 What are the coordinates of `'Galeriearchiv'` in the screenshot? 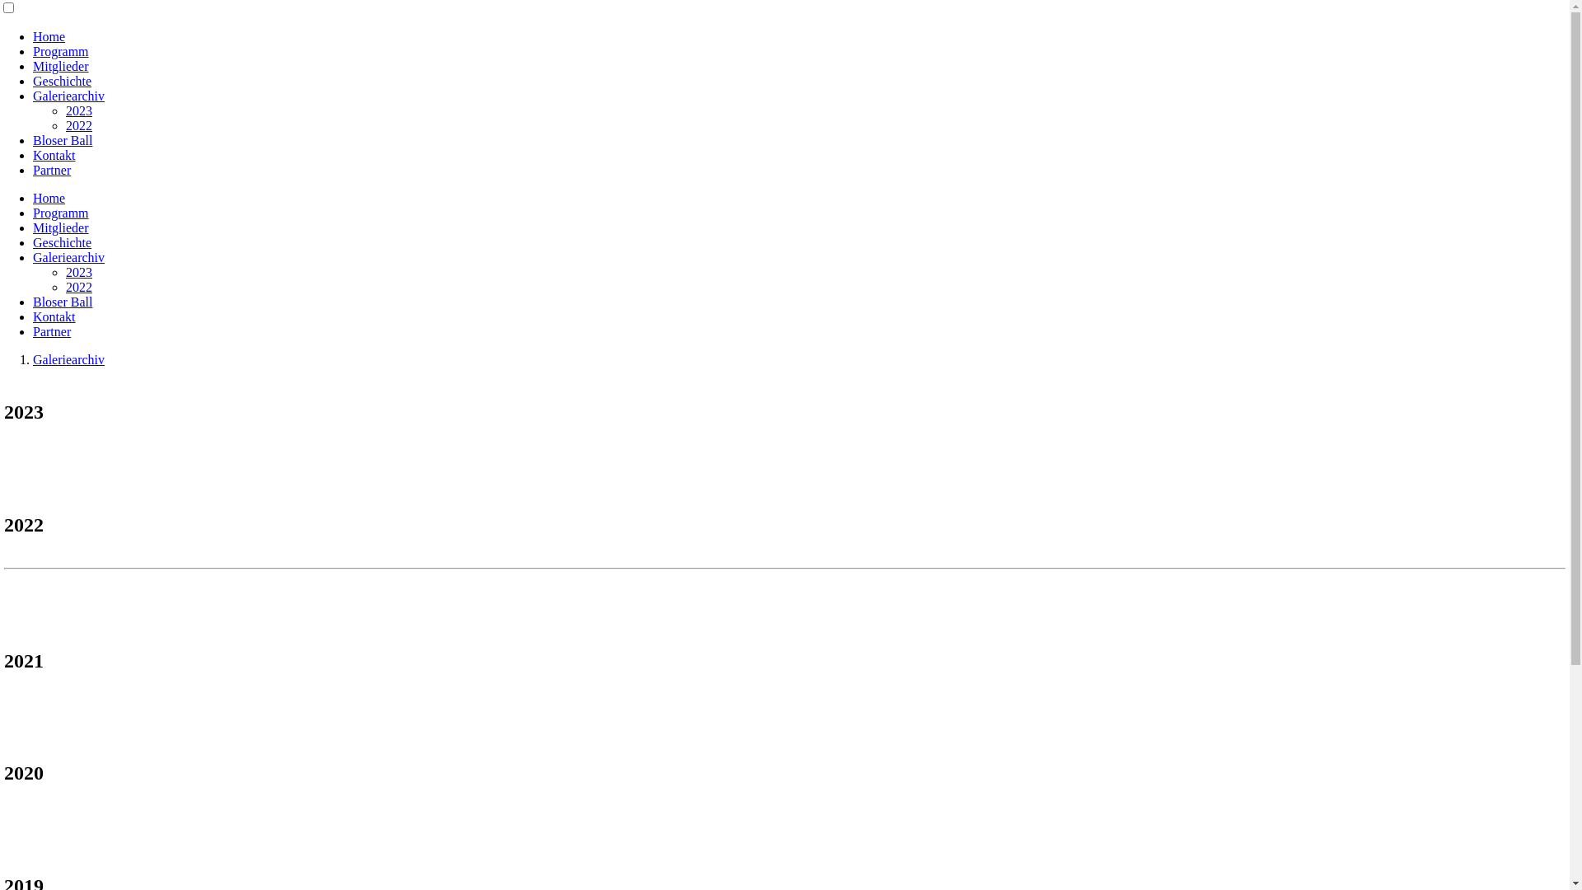 It's located at (68, 358).